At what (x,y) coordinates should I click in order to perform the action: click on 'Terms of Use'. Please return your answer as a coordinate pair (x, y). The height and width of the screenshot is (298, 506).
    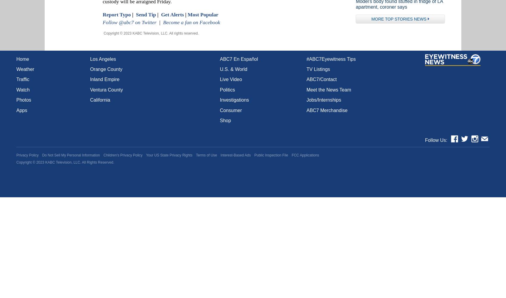
    Looking at the image, I should click on (206, 155).